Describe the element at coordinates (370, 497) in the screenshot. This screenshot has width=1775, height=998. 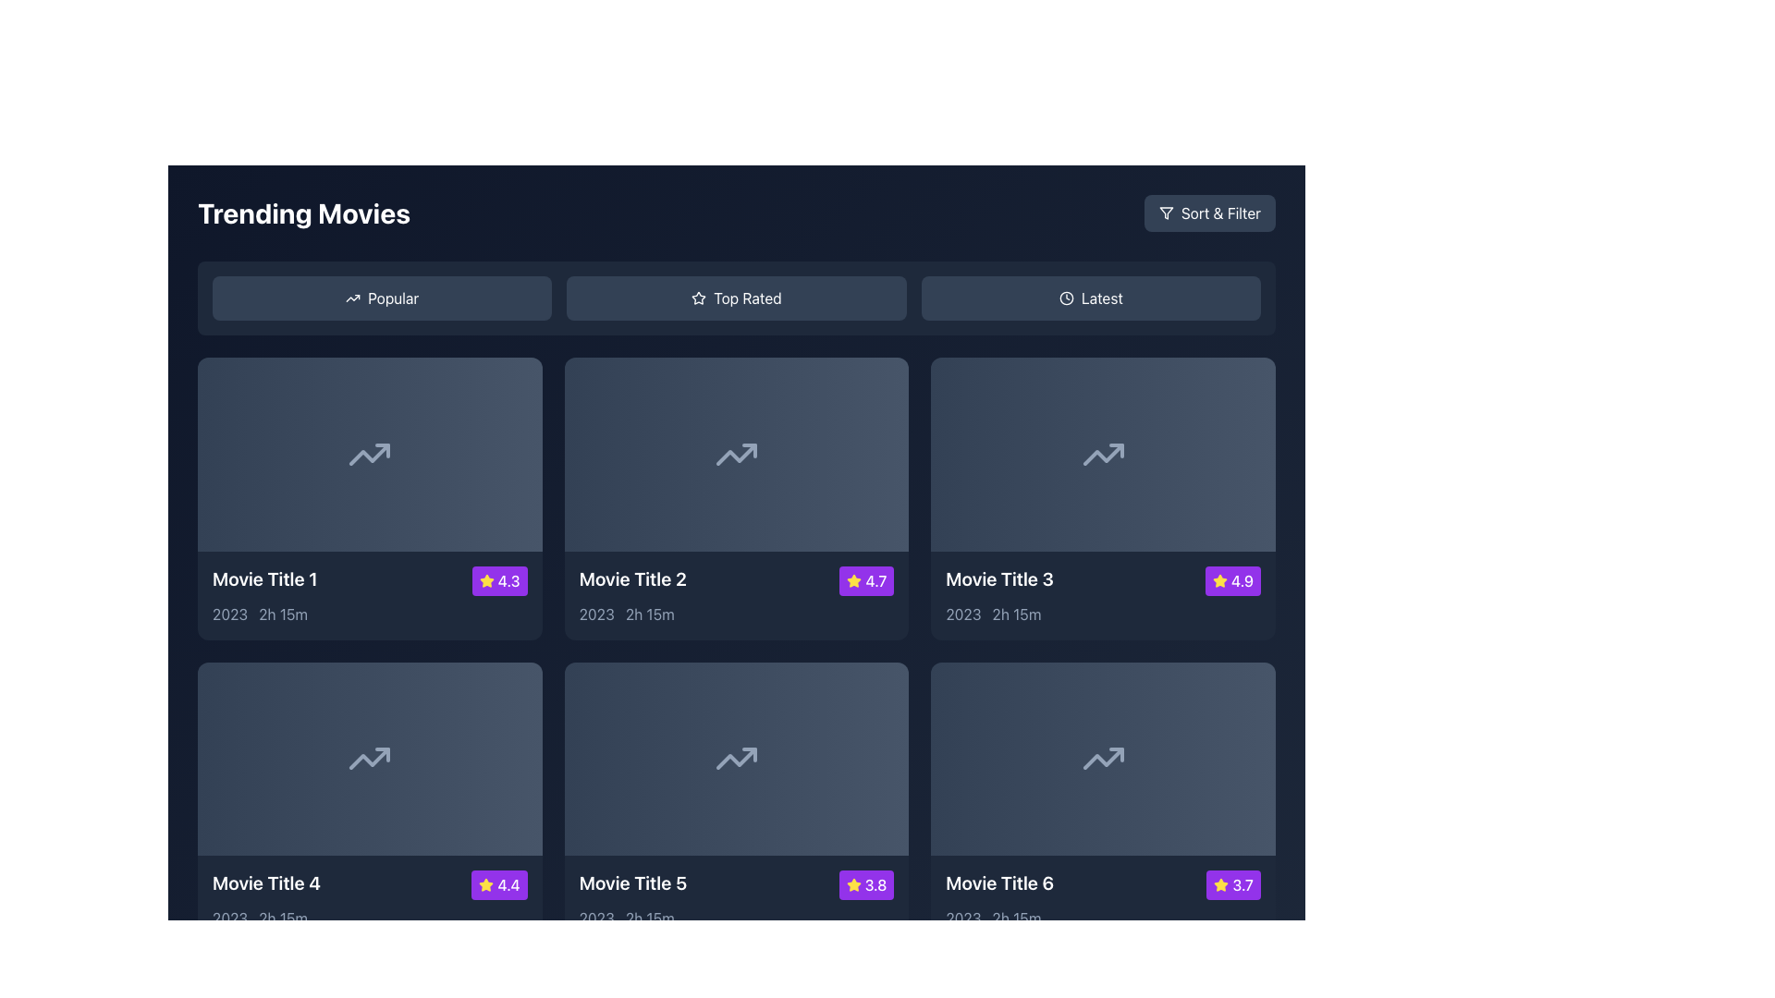
I see `the first movie card in the 'Trending Movies' section, located at the top-left position of the grid, which provides details about a specific movie` at that location.